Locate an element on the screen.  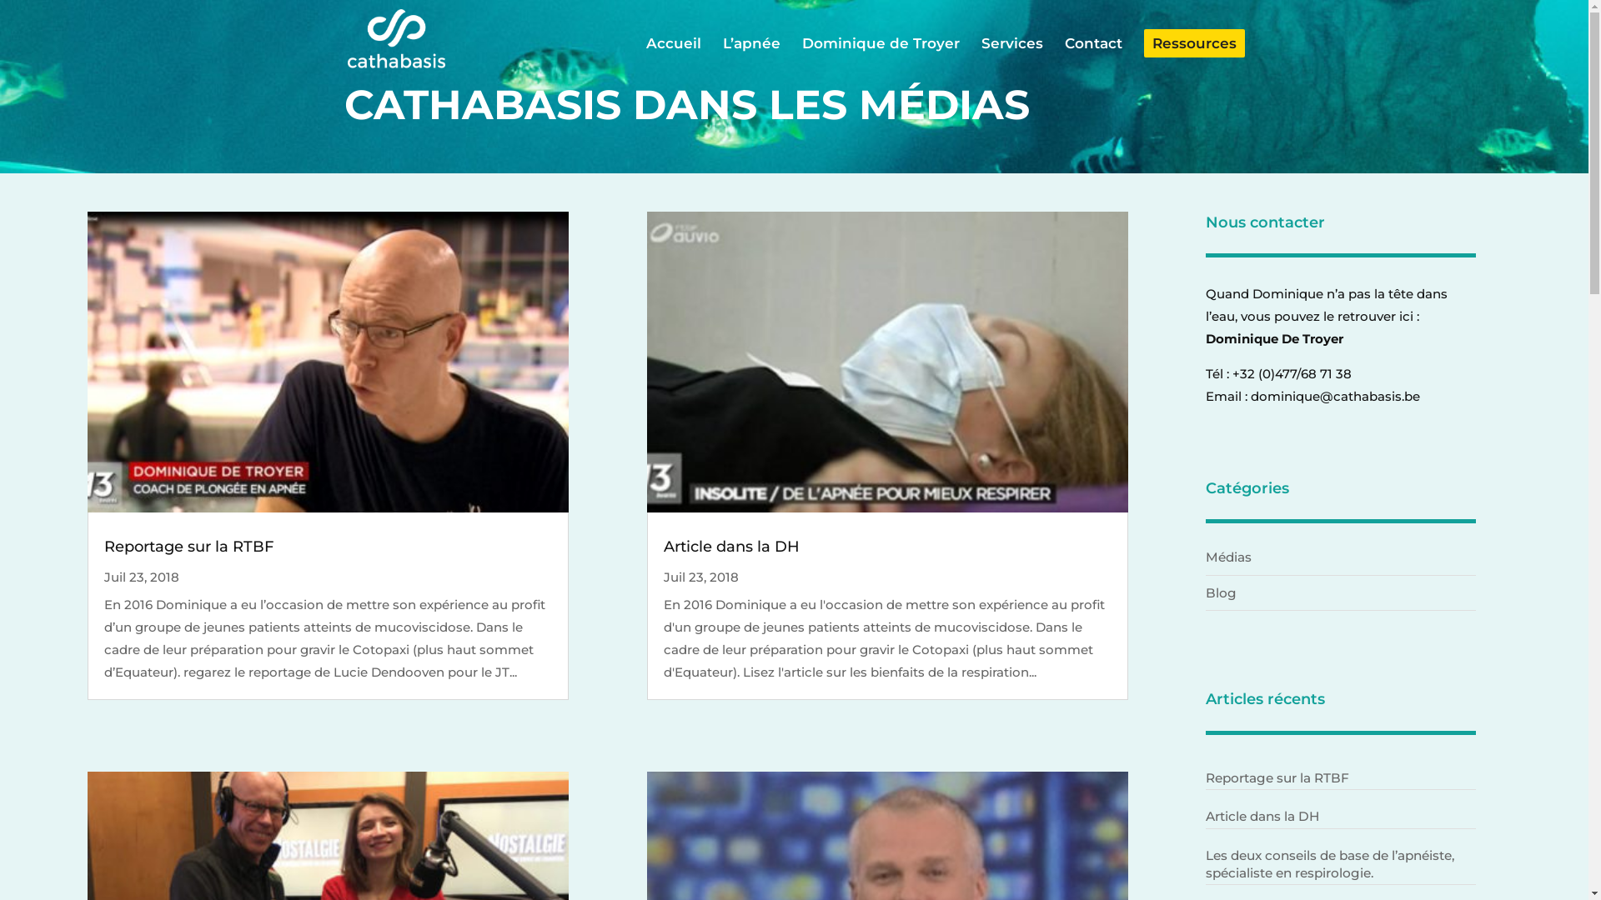
'Services' is located at coordinates (1011, 57).